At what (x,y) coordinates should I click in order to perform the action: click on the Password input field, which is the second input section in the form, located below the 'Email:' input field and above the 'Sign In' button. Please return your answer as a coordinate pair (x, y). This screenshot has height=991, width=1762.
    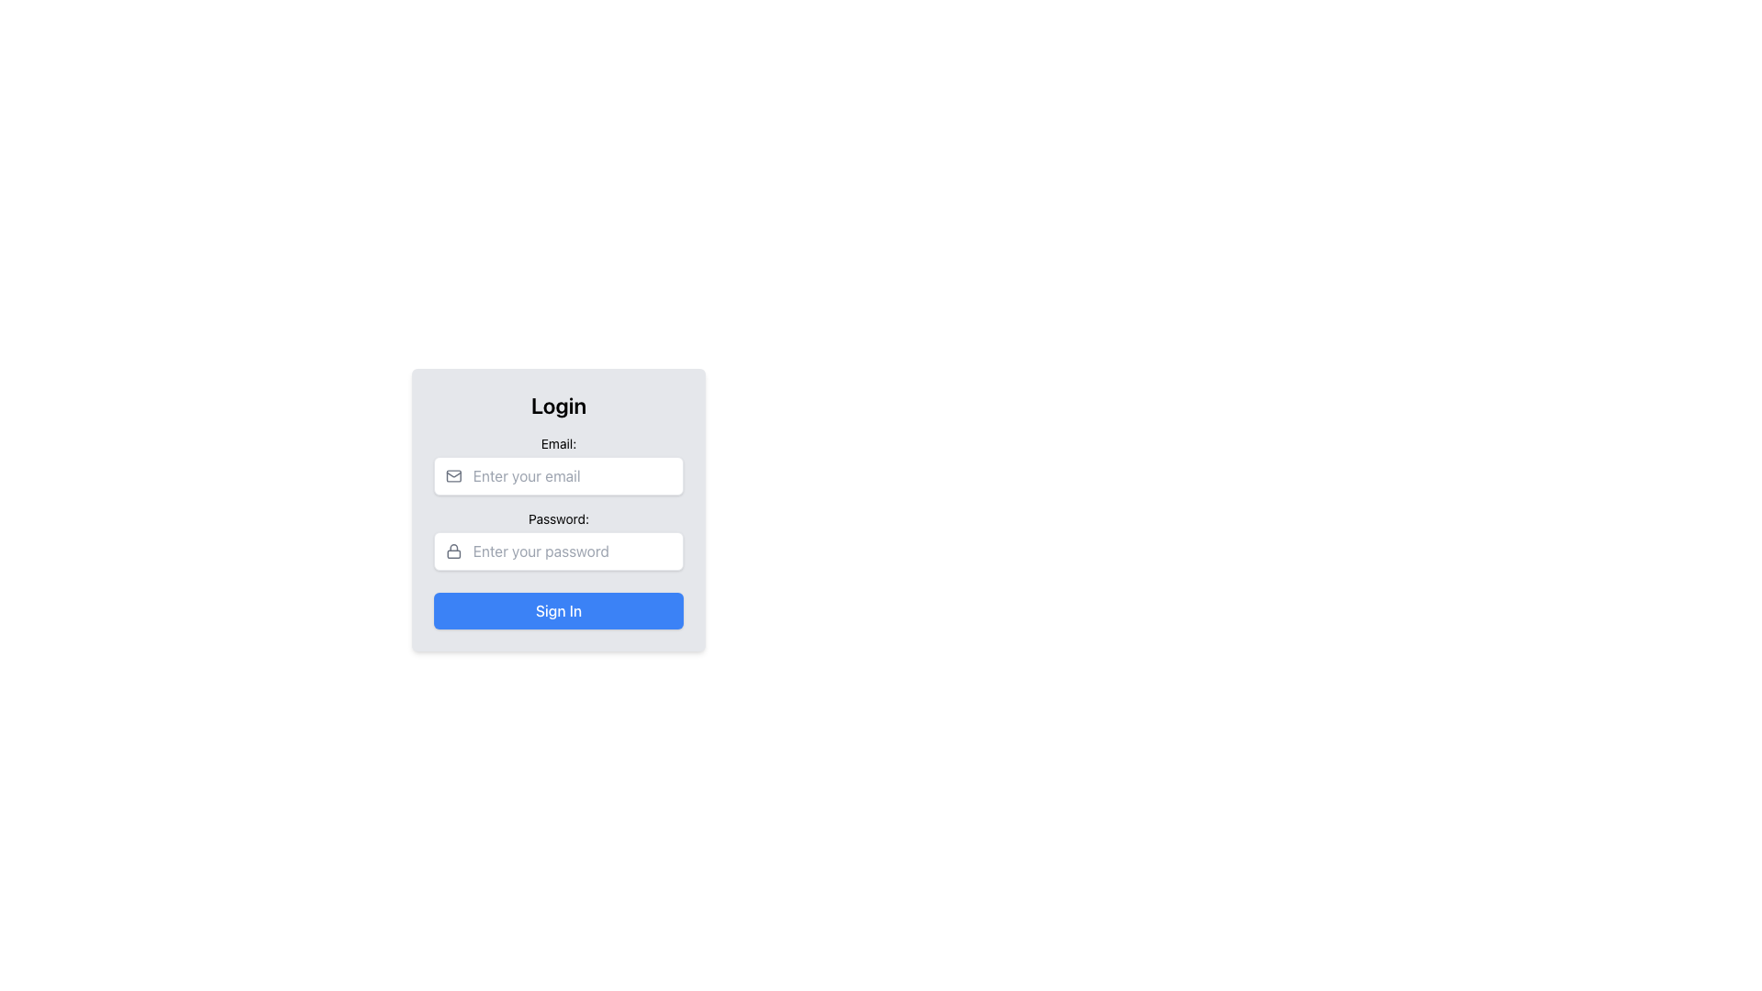
    Looking at the image, I should click on (558, 540).